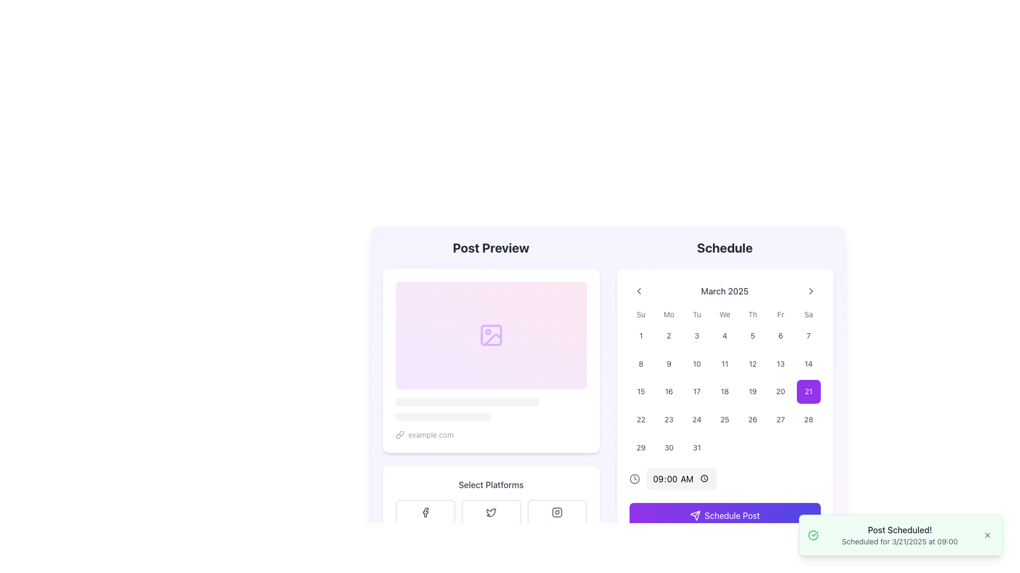 Image resolution: width=1020 pixels, height=573 pixels. Describe the element at coordinates (695, 515) in the screenshot. I see `the 'Schedule Post' button, which contains a send icon resembling an upward arrow or paper plane, located on the left side of the button` at that location.